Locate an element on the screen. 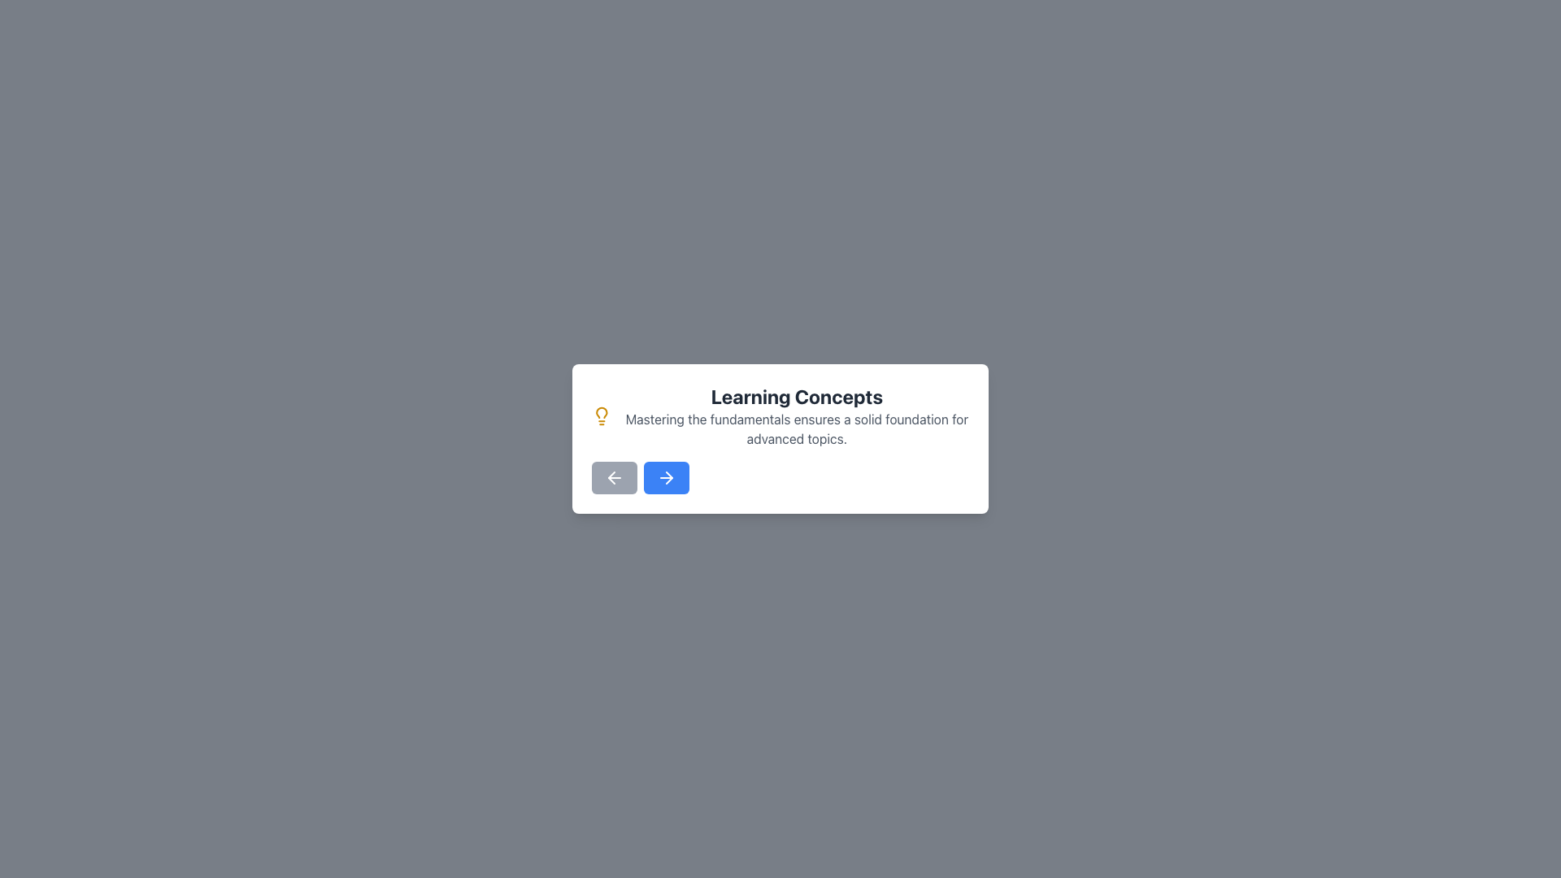 This screenshot has height=878, width=1561. the backward navigation arrow icon located to the left of the blue right arrow button beneath the title 'Learning Concepts' is located at coordinates (613, 476).